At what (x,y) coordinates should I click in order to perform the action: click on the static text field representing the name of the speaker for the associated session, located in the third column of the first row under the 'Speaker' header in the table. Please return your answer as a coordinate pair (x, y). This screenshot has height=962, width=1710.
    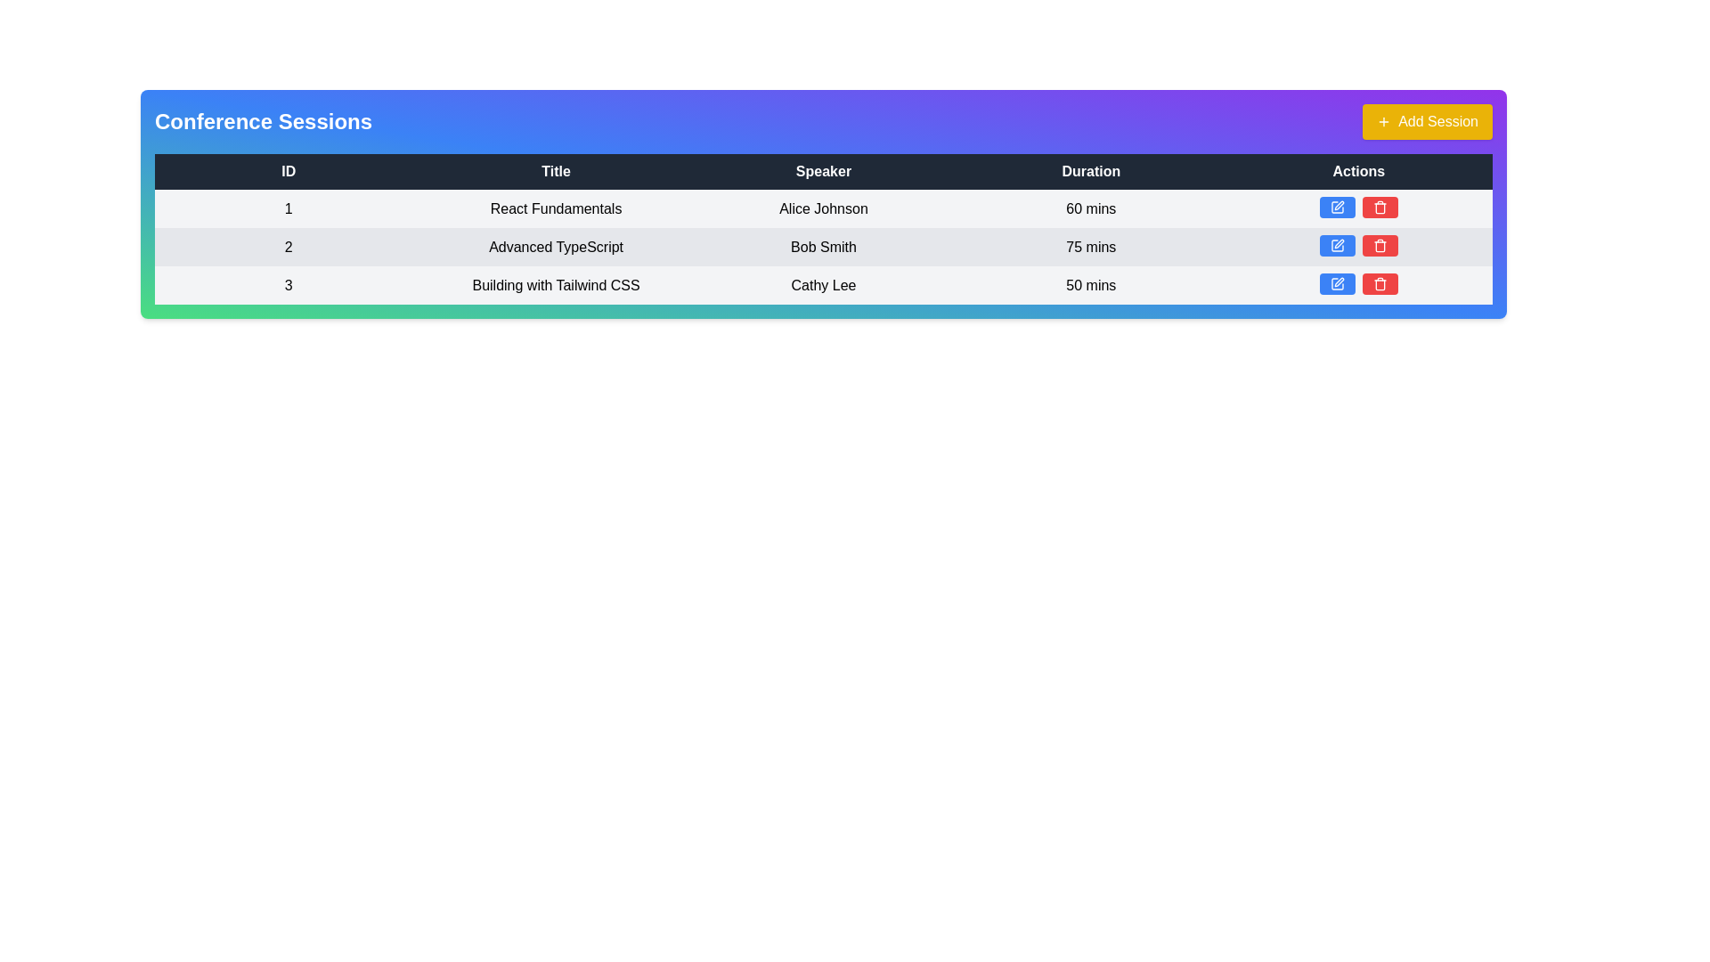
    Looking at the image, I should click on (823, 208).